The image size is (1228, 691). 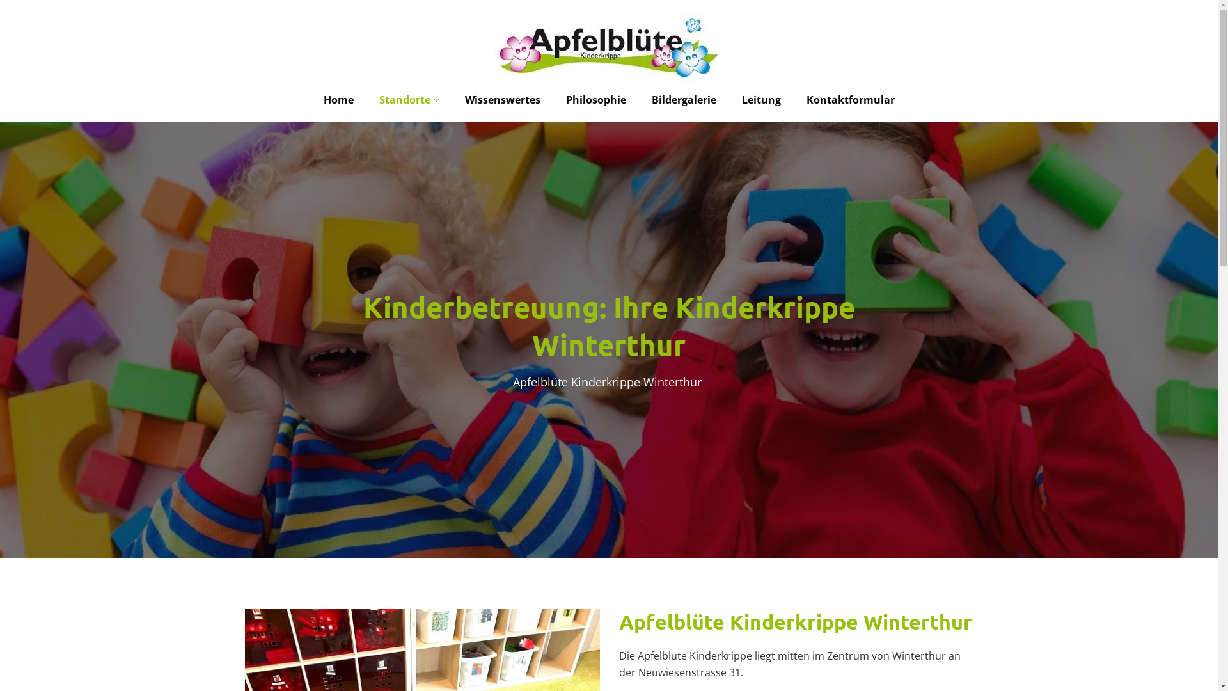 What do you see at coordinates (683, 99) in the screenshot?
I see `'Bildergalerie'` at bounding box center [683, 99].